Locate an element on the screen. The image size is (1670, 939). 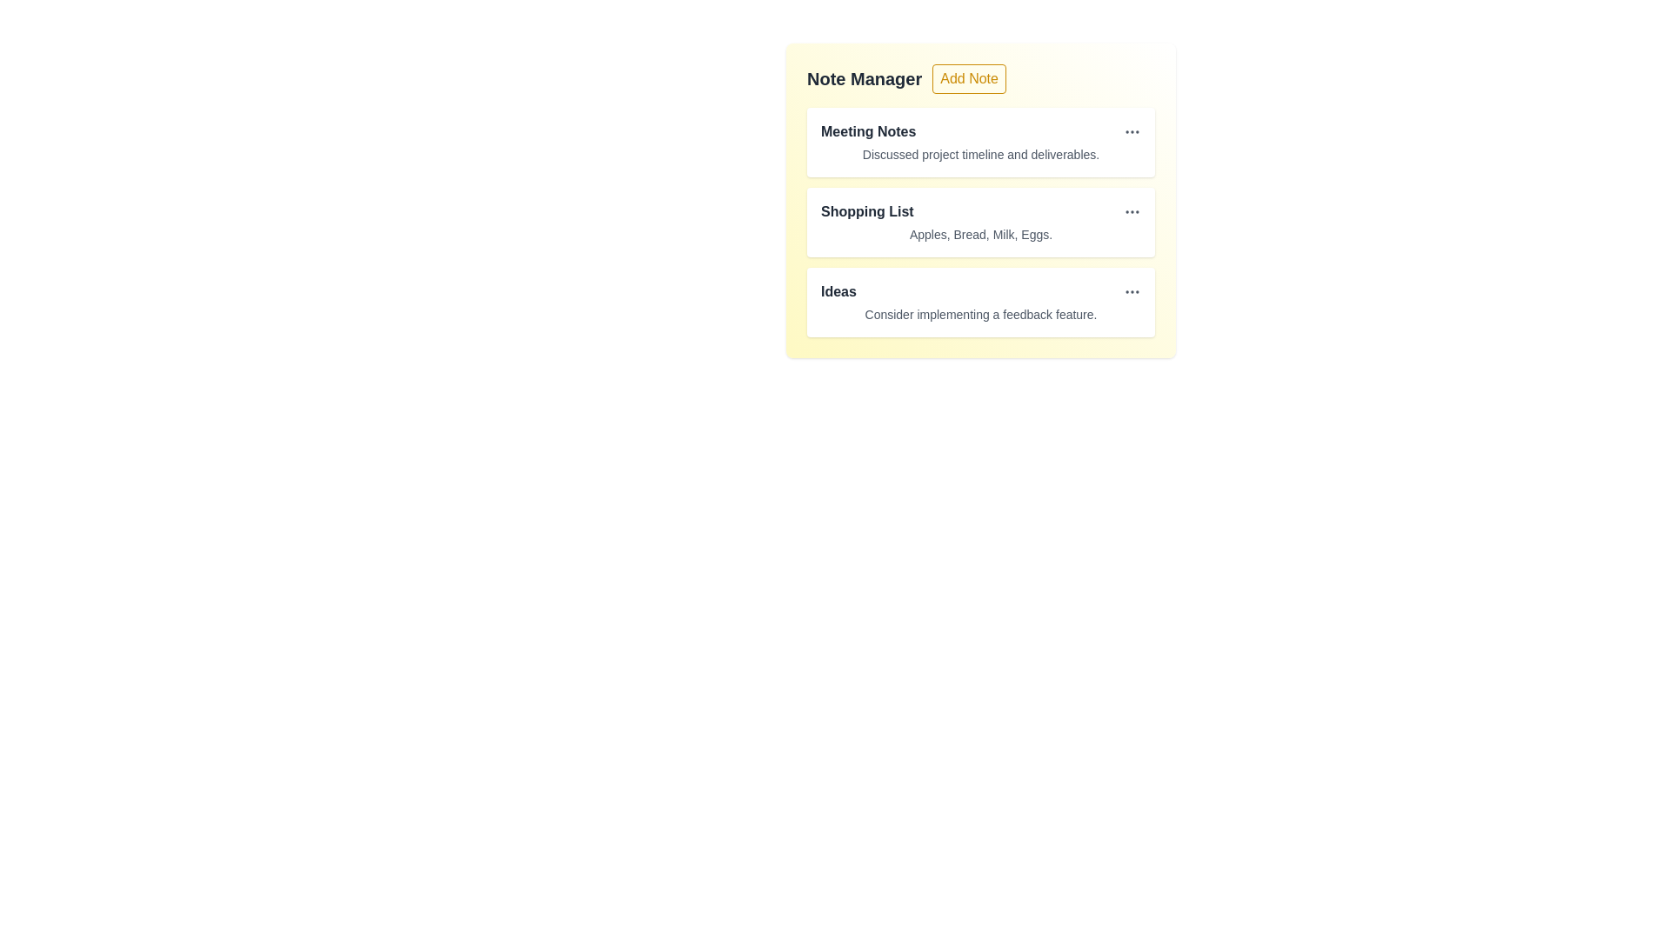
the 'MoreHorizontal' icon next to the note titled 'Ideas' is located at coordinates (1132, 290).